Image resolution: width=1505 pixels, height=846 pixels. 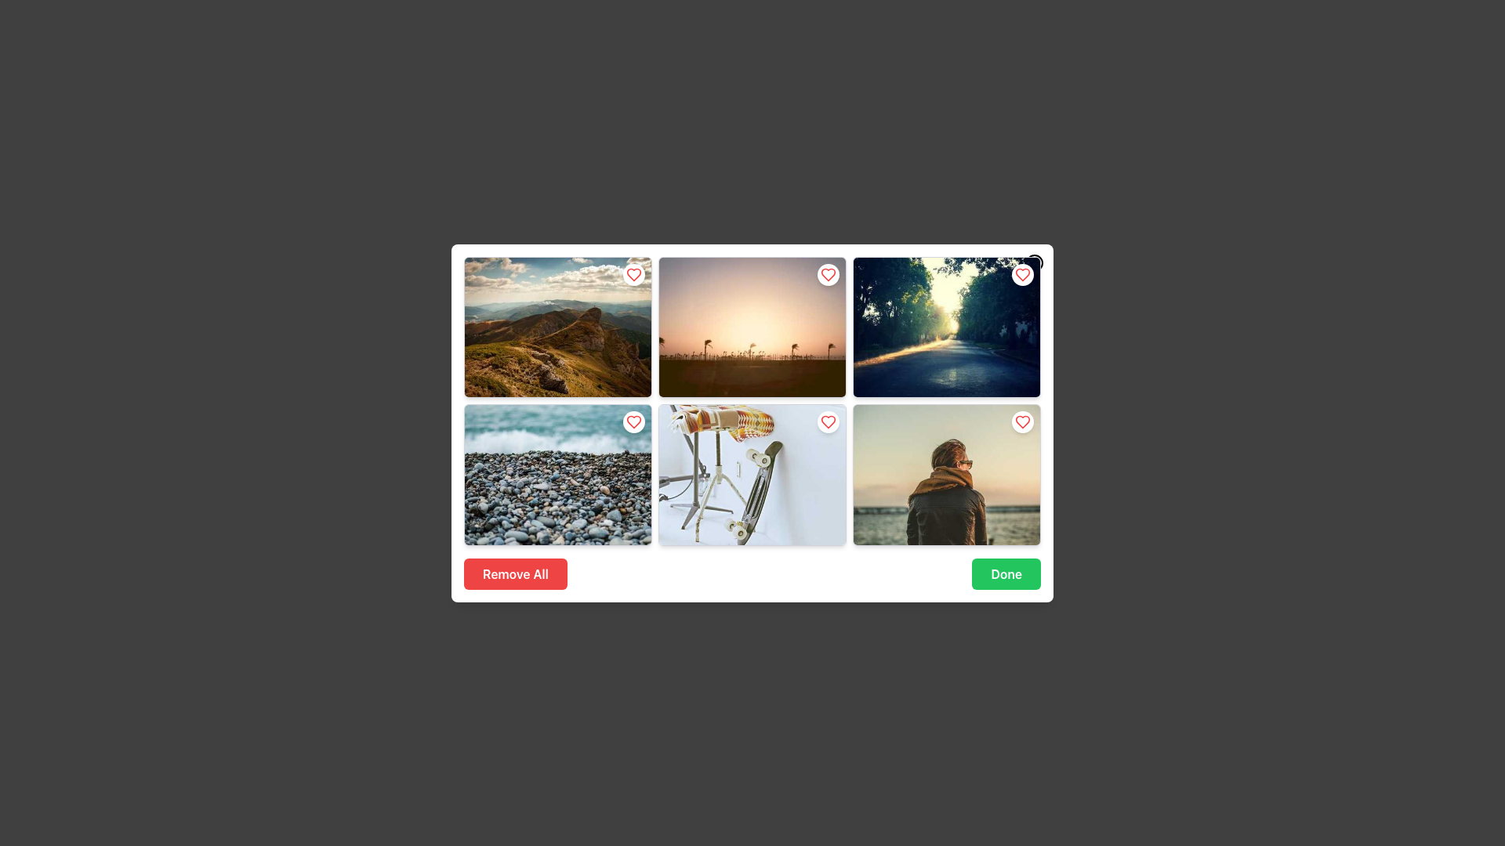 I want to click on the Close Button Icon located in the top-right corner of the rectangular frame that overlays an image, so click(x=1035, y=262).